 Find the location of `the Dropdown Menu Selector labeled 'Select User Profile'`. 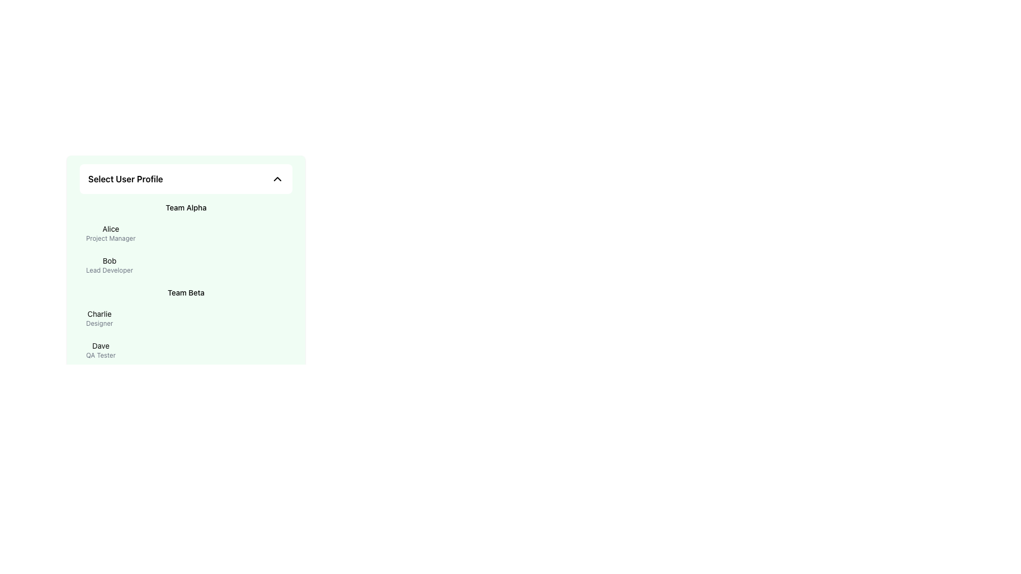

the Dropdown Menu Selector labeled 'Select User Profile' is located at coordinates (186, 178).